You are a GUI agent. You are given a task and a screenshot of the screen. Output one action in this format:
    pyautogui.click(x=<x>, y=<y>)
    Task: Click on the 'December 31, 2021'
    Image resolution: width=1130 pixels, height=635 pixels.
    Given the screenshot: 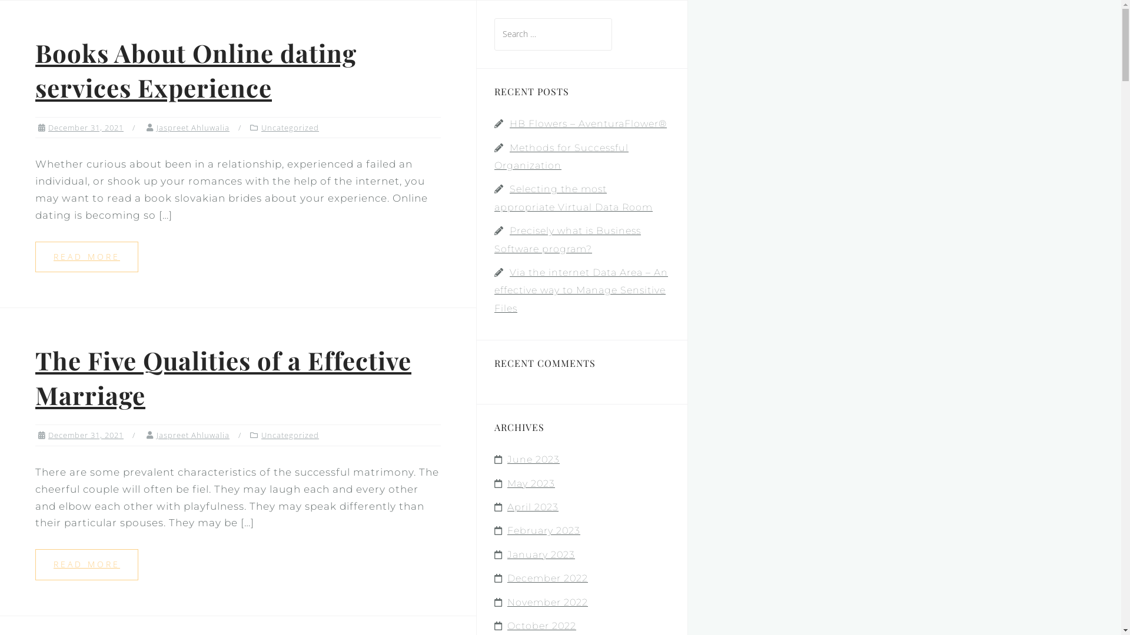 What is the action you would take?
    pyautogui.click(x=85, y=127)
    